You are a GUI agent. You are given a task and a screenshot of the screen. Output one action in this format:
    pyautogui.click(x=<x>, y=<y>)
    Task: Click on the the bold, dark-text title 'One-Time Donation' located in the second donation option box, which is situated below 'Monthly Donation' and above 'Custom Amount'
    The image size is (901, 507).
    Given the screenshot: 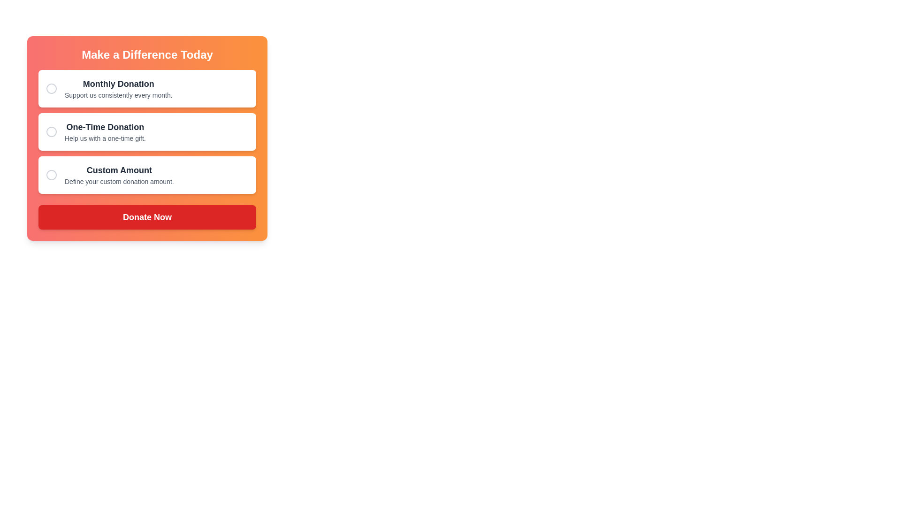 What is the action you would take?
    pyautogui.click(x=105, y=127)
    